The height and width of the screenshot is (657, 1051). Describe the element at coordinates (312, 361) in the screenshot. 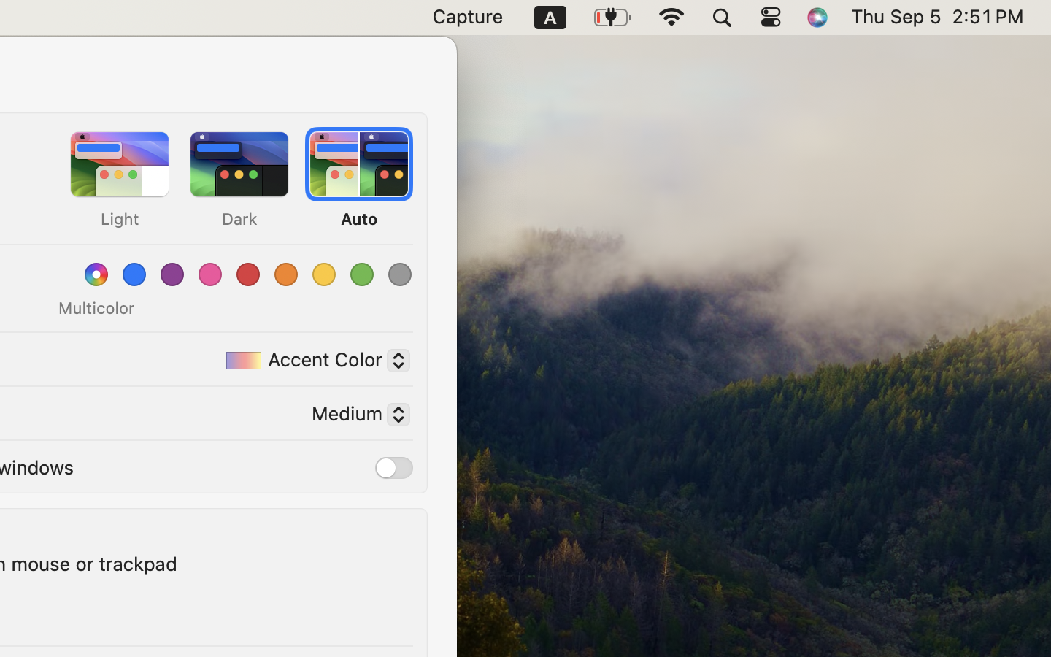

I see `'Accent Color'` at that location.